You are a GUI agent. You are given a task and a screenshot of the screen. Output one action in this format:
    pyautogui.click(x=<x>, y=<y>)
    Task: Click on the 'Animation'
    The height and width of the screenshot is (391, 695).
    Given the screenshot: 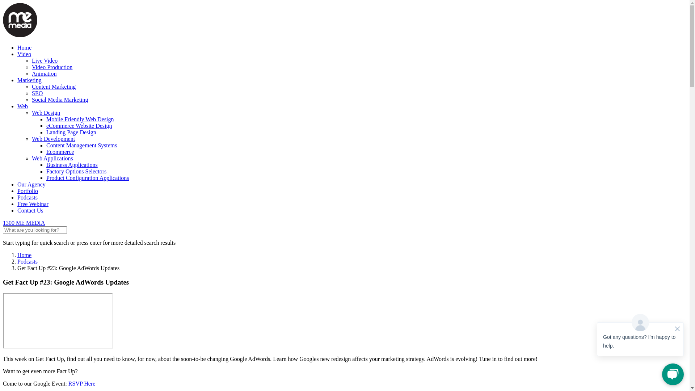 What is the action you would take?
    pyautogui.click(x=43, y=73)
    